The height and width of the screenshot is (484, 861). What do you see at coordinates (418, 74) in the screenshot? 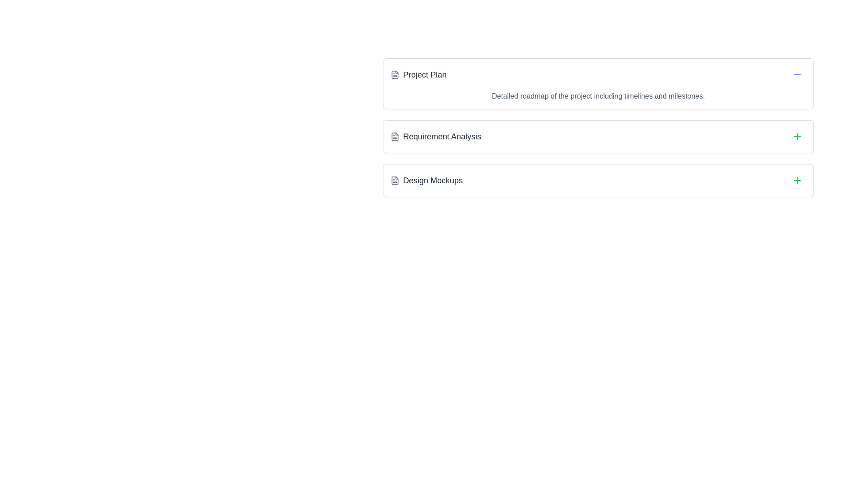
I see `the Label with Icon that serves as the header for the project plan section` at bounding box center [418, 74].